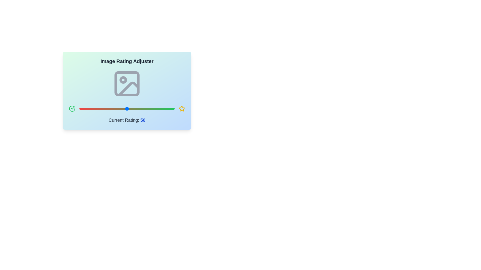 Image resolution: width=481 pixels, height=270 pixels. What do you see at coordinates (165, 108) in the screenshot?
I see `the slider to set the rating to 90` at bounding box center [165, 108].